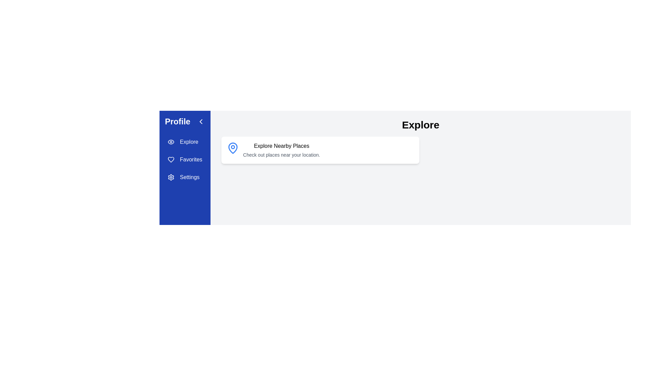 The height and width of the screenshot is (367, 653). I want to click on the chevron icon in the sidebar menu adjacent to the 'Profile' heading, so click(200, 121).